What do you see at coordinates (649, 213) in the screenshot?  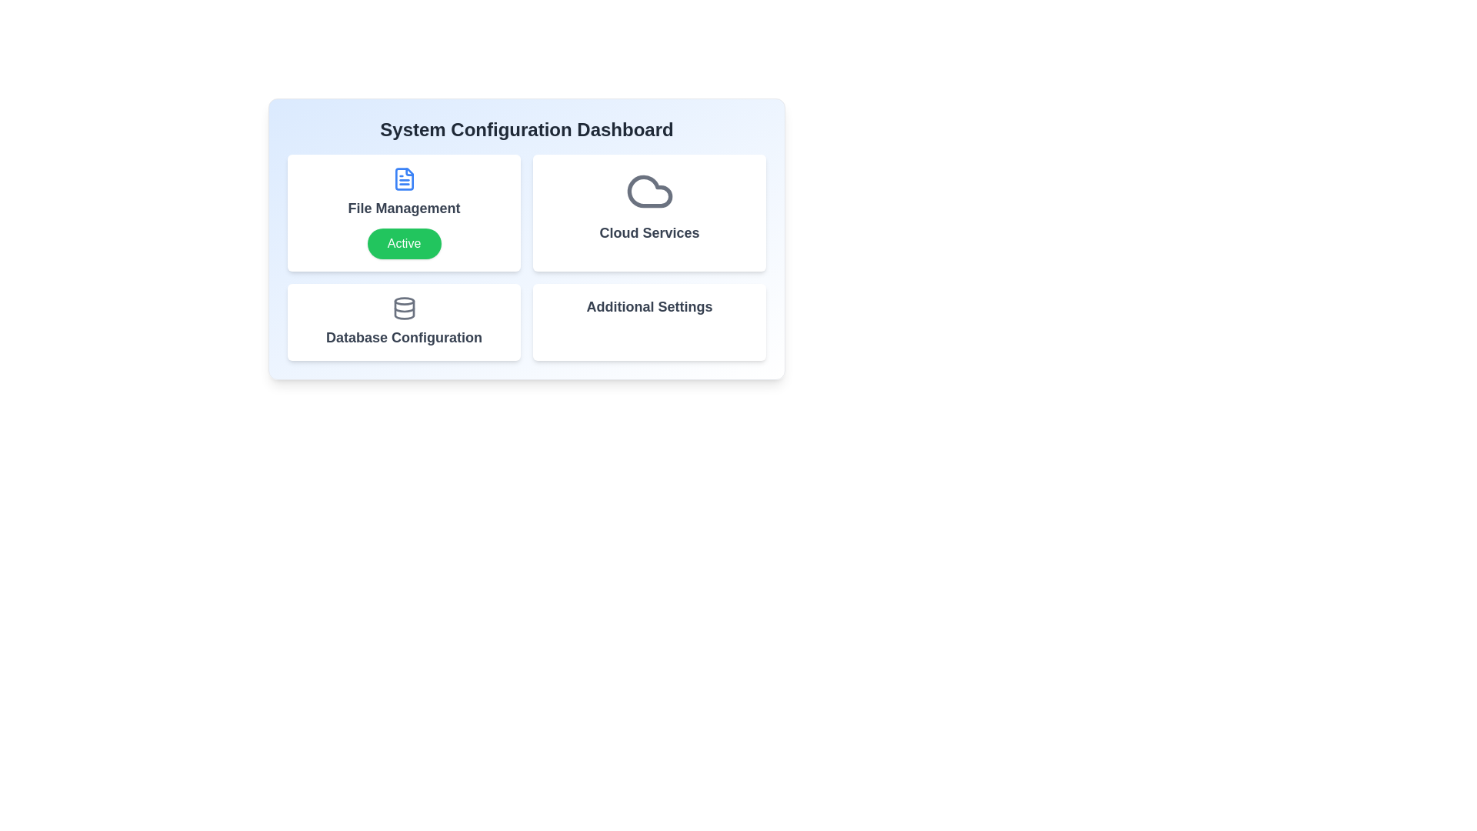 I see `the Informational card featuring a centered cloud icon and the text 'Cloud Services', which is located in the top-right position of the grid structure` at bounding box center [649, 213].